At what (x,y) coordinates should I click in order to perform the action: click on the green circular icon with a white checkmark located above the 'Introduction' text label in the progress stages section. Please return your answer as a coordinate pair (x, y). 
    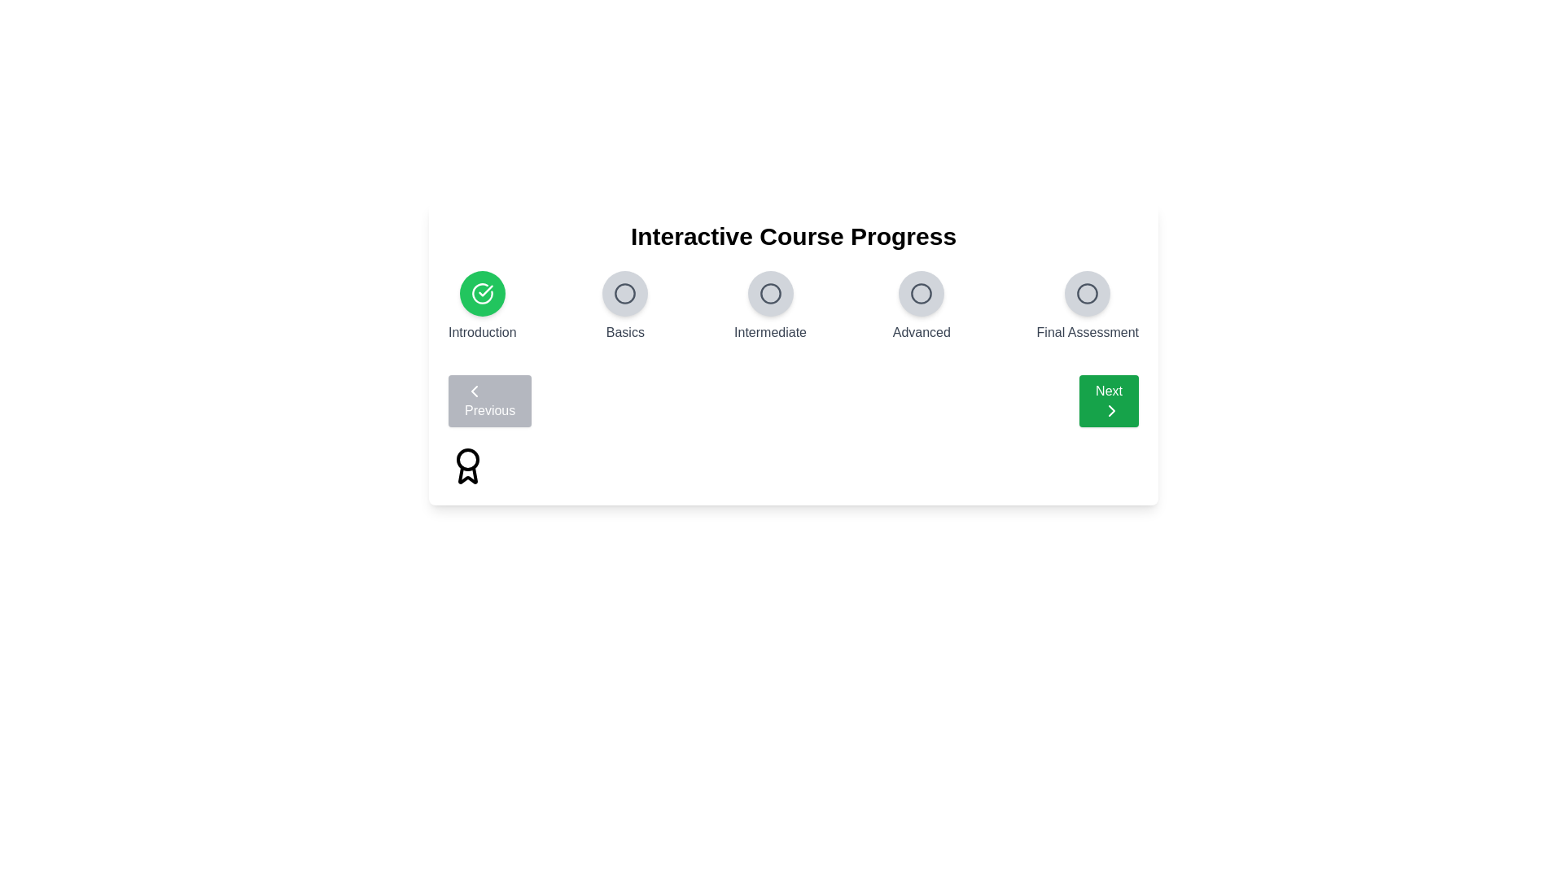
    Looking at the image, I should click on (481, 294).